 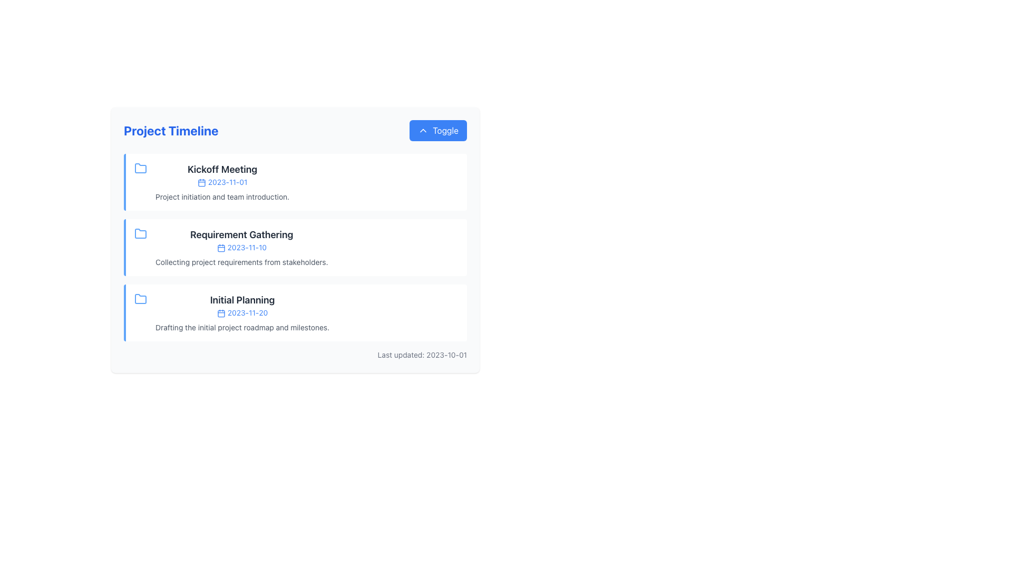 I want to click on the milestone list item representing a task within the project timeline, located between 'Kickoff Meeting' and 'Initial Planning', so click(x=296, y=248).